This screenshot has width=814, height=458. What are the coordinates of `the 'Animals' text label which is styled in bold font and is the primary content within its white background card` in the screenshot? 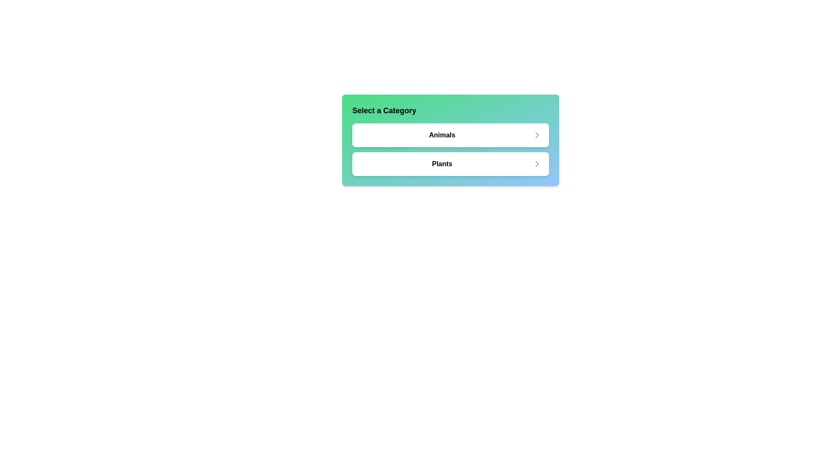 It's located at (441, 135).